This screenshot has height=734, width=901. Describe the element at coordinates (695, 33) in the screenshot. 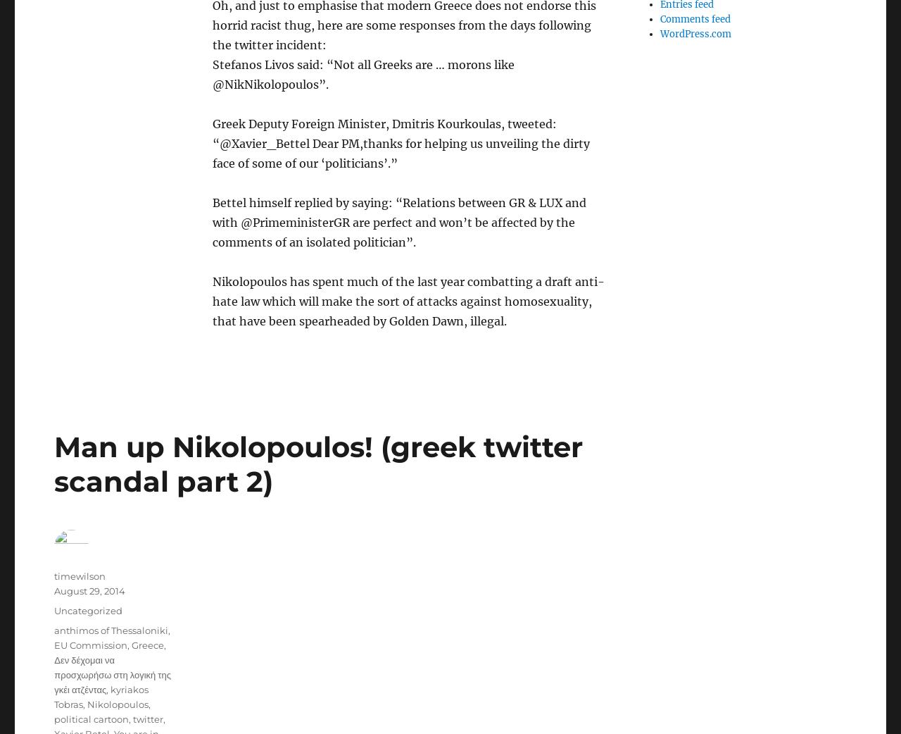

I see `'WordPress.com'` at that location.